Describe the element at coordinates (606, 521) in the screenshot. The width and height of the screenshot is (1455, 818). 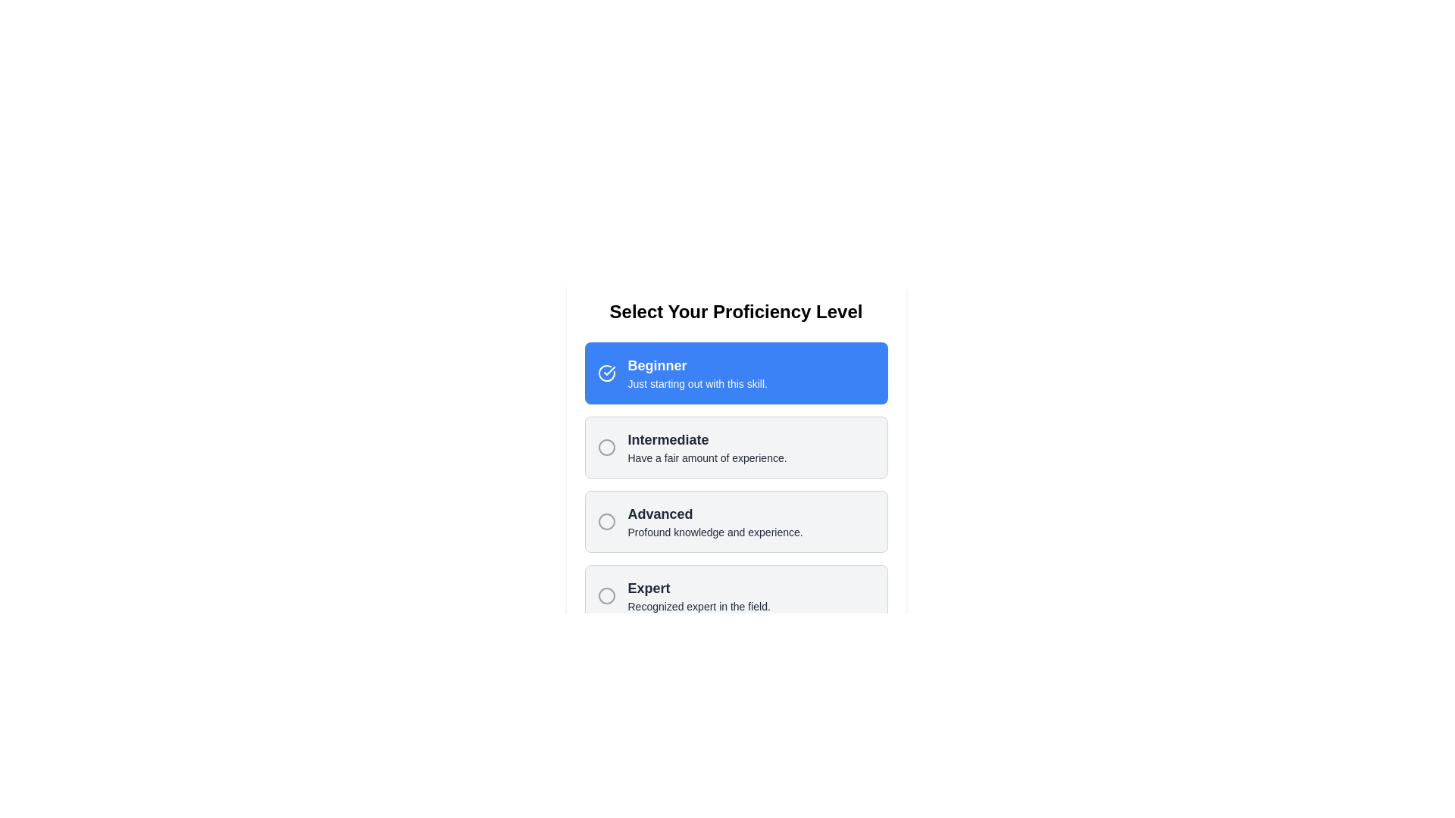
I see `the circular radio button positioned to the left of the text label 'Advanced'` at that location.